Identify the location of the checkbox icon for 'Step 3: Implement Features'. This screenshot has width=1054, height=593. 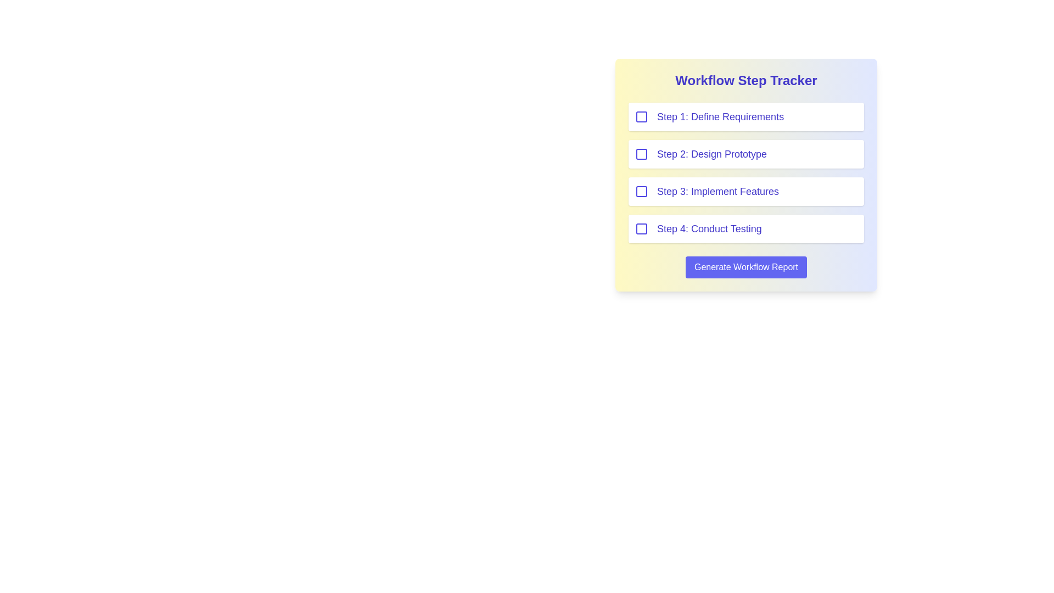
(642, 191).